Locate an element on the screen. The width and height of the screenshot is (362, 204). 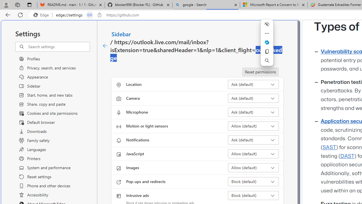
'Camera Ask (default)' is located at coordinates (253, 98).